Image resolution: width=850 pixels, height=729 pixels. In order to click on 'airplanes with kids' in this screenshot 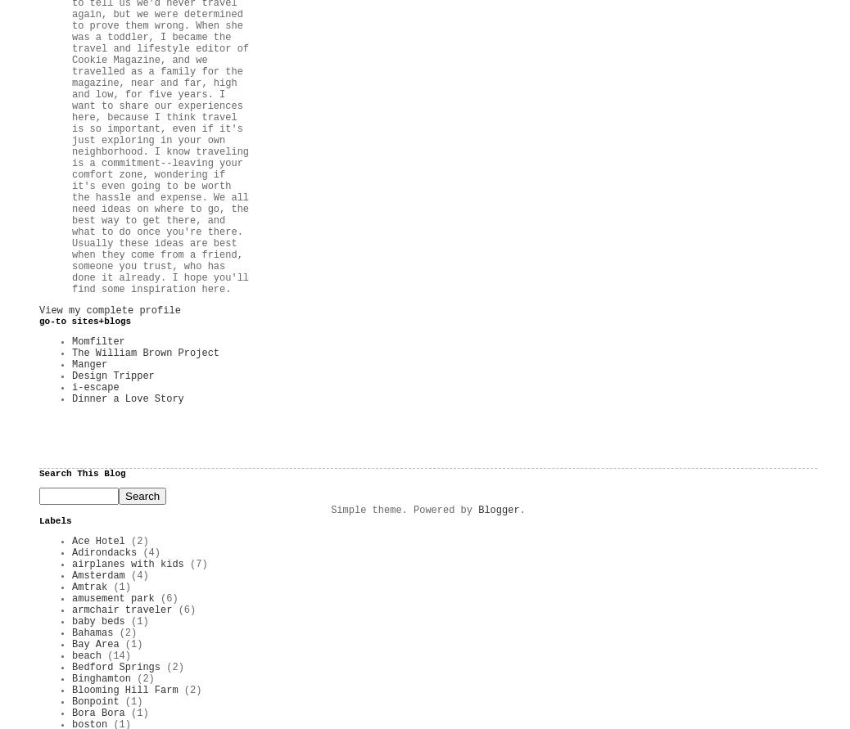, I will do `click(127, 563)`.